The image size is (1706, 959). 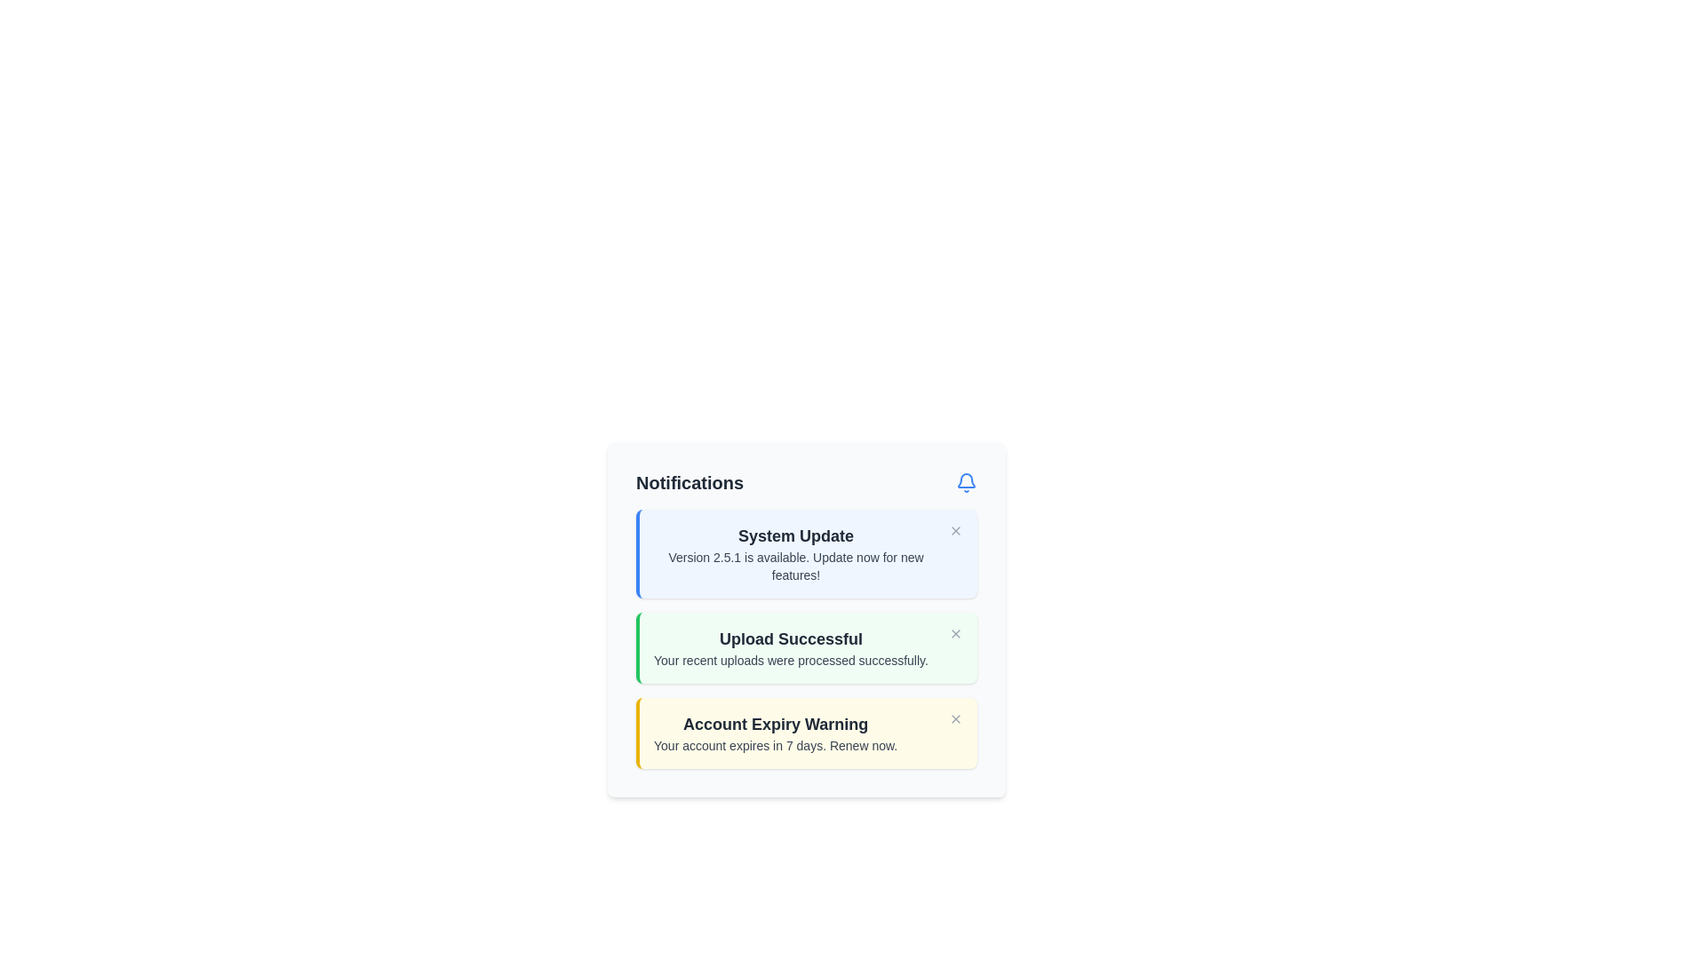 What do you see at coordinates (954, 719) in the screenshot?
I see `the Close button represented as an 'X' icon in the notification box to change its color to red` at bounding box center [954, 719].